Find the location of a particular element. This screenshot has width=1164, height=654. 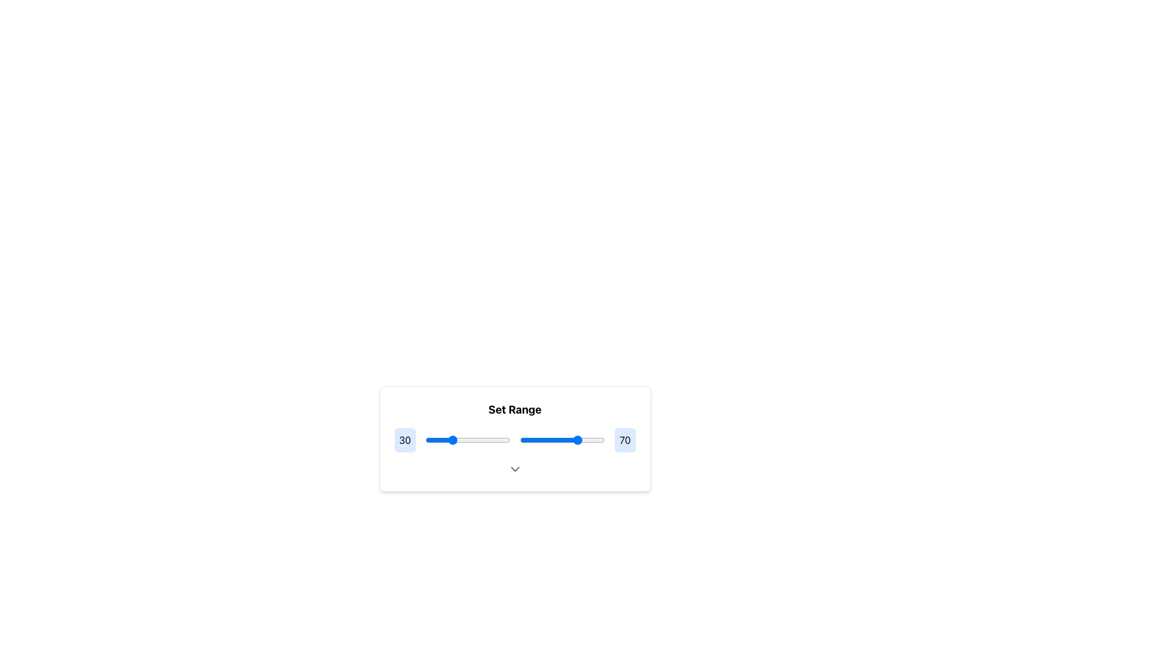

the start value of the range slider is located at coordinates (474, 440).